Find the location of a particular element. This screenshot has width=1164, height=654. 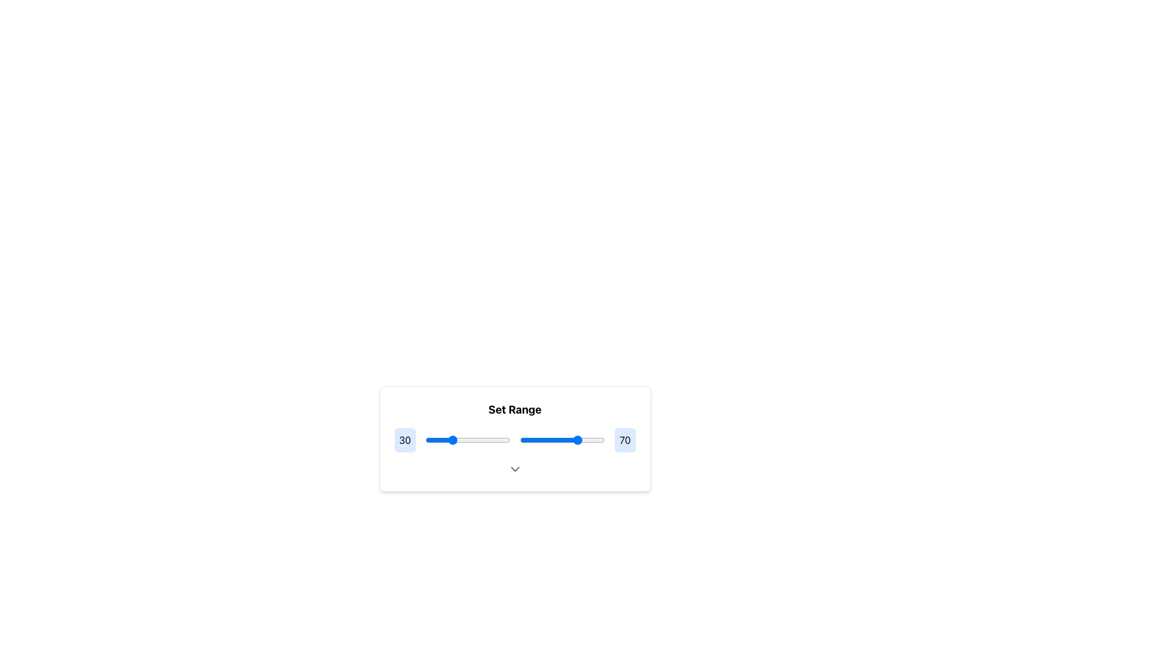

the start value of the range slider is located at coordinates (474, 440).